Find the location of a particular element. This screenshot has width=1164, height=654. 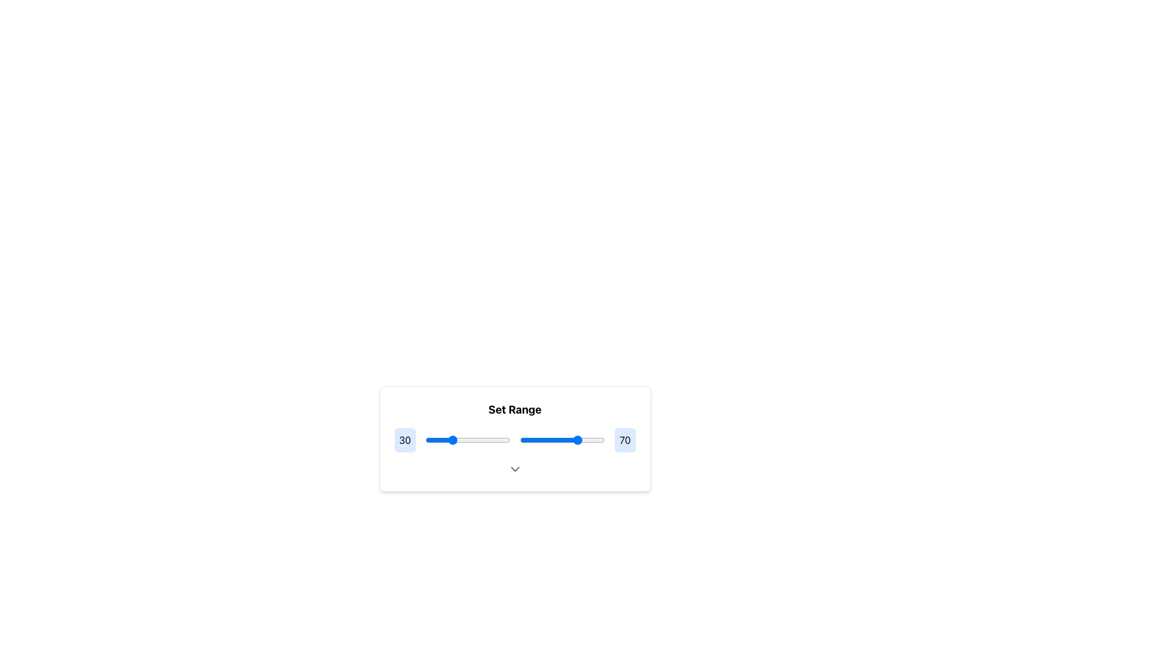

the start value of the range slider is located at coordinates (474, 440).